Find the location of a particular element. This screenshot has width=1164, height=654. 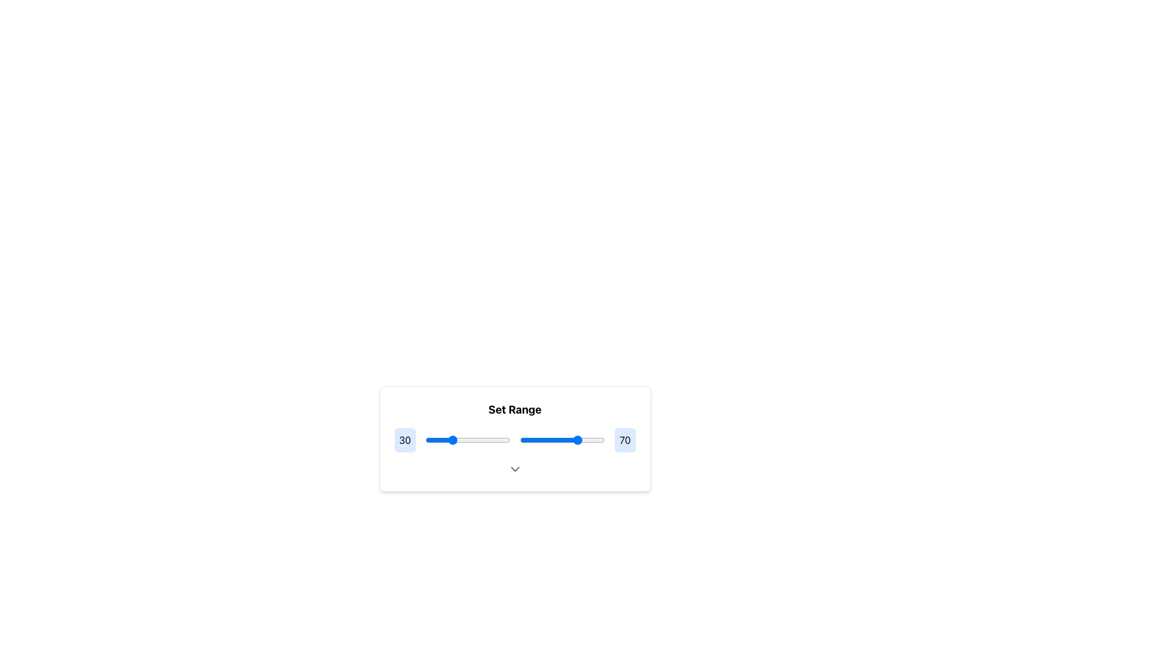

the start value of the range slider is located at coordinates (474, 440).